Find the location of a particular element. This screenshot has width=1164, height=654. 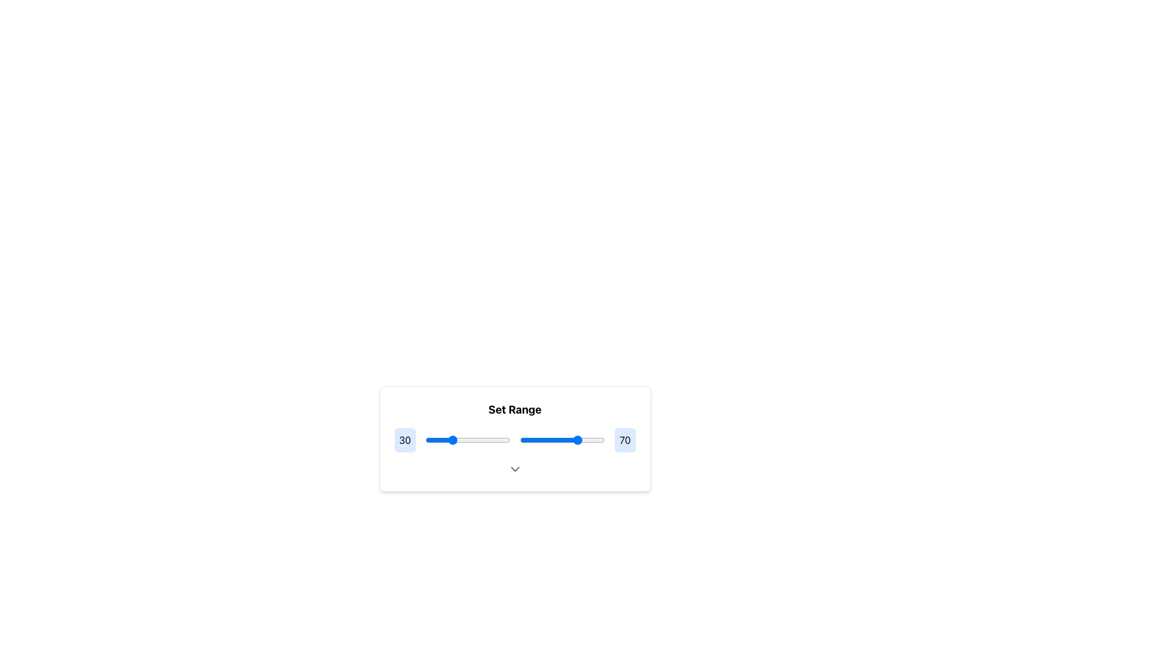

the start value of the range slider is located at coordinates (474, 440).